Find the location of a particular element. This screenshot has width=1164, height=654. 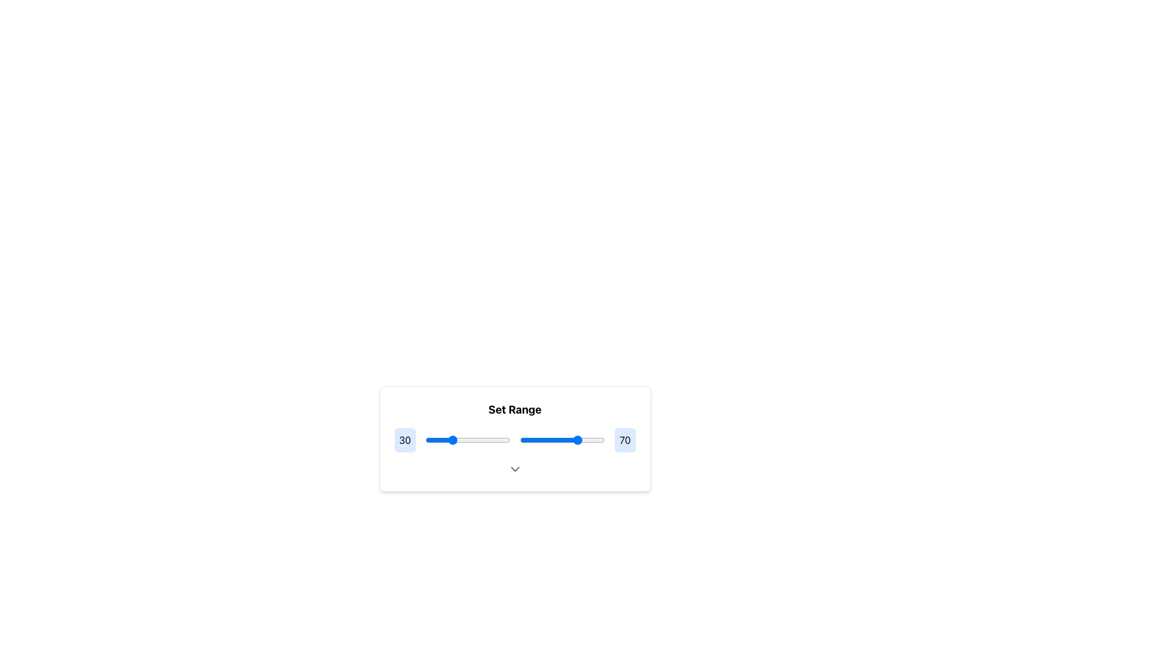

the start value of the range slider is located at coordinates (474, 440).